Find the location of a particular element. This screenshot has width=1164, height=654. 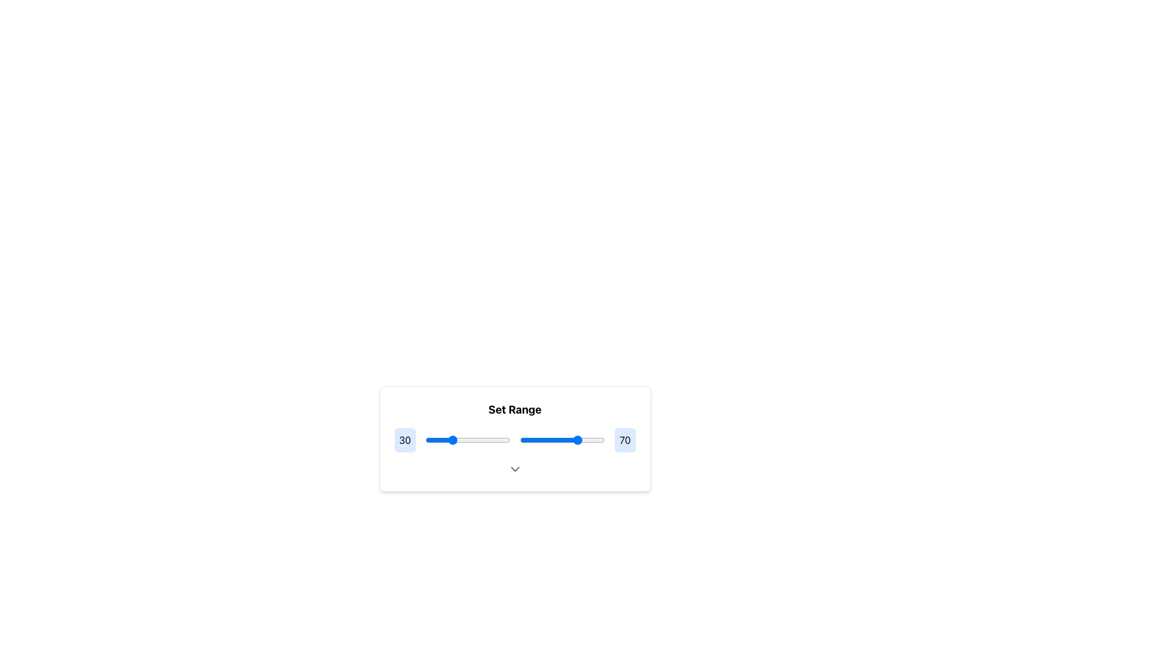

the start value of the range slider is located at coordinates (474, 440).